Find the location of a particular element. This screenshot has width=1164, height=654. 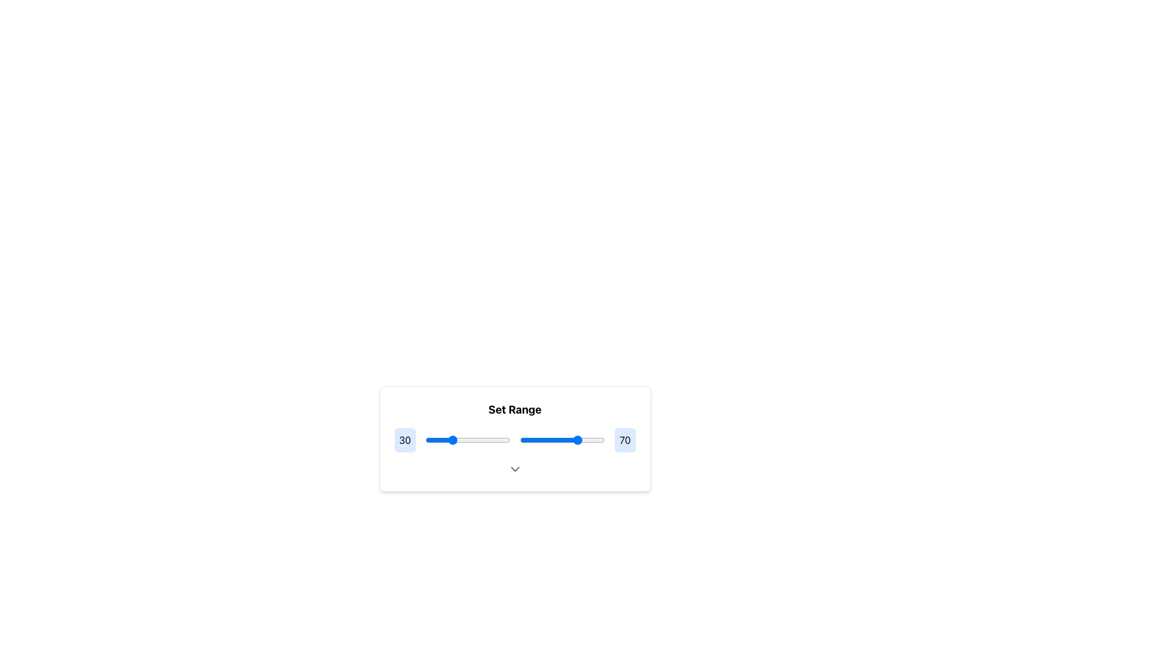

the start value of the range slider is located at coordinates (474, 440).